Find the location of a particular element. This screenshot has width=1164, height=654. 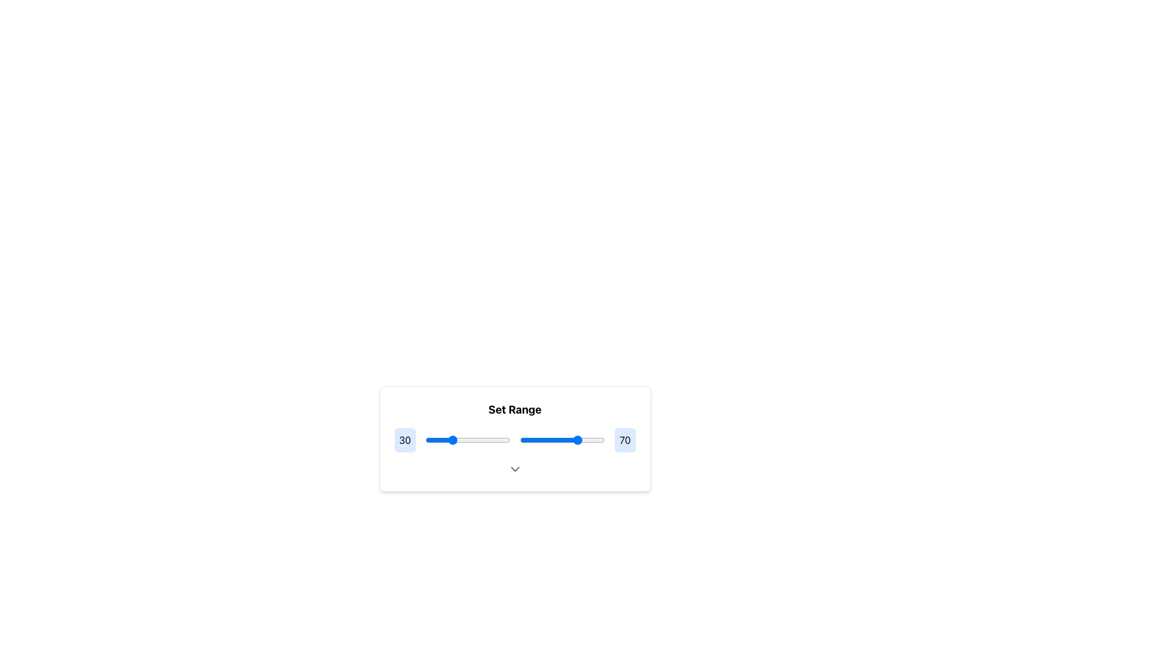

the start value of the range slider is located at coordinates (474, 440).